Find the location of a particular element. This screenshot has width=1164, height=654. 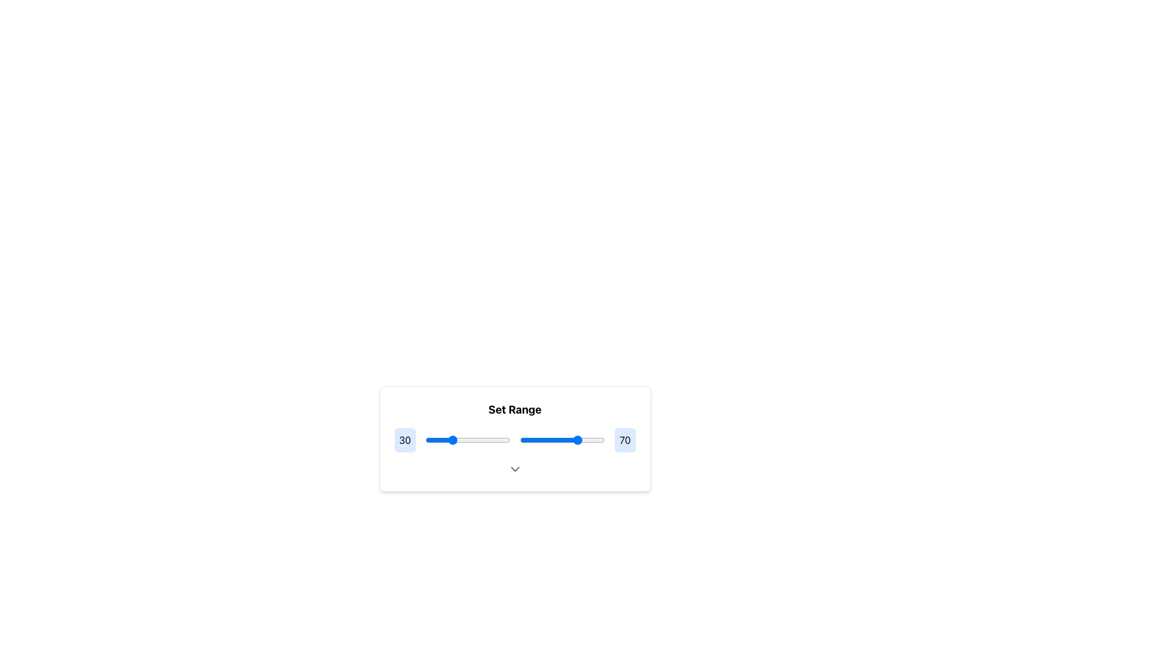

the start value of the range slider is located at coordinates (474, 440).